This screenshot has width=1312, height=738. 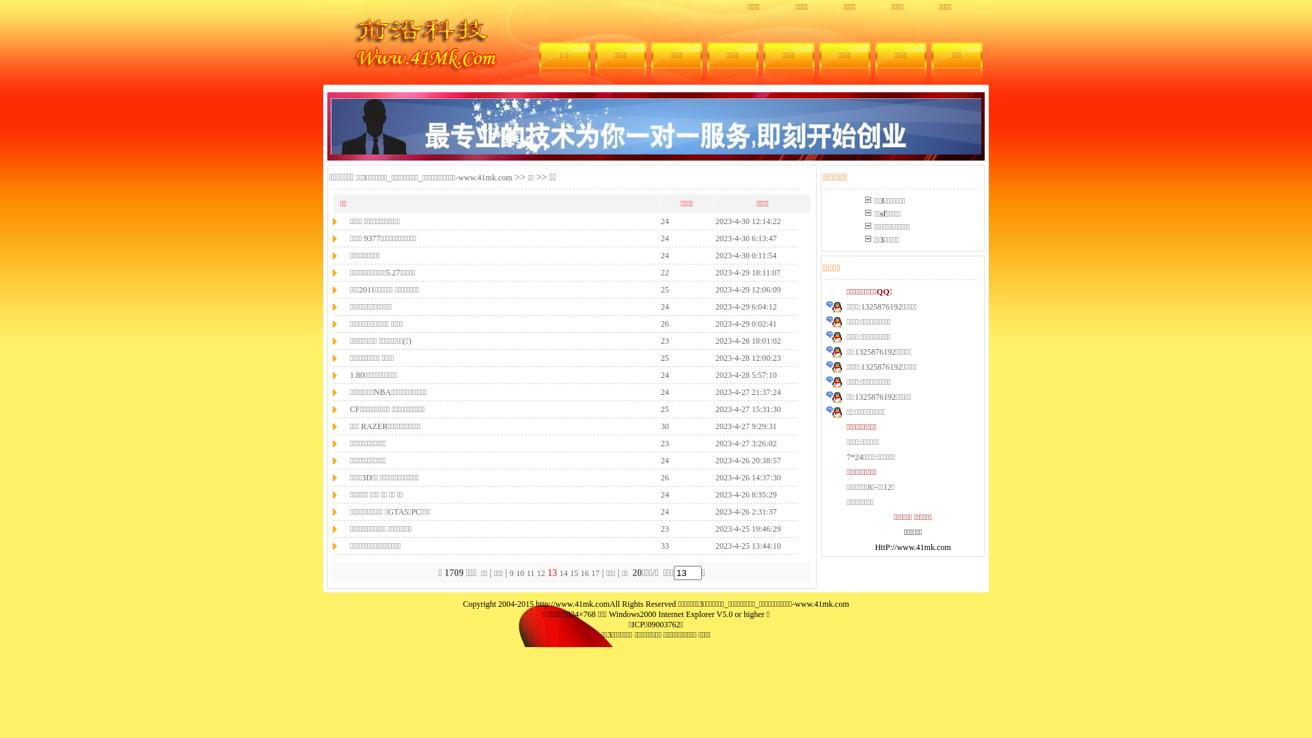 I want to click on '15', so click(x=574, y=573).